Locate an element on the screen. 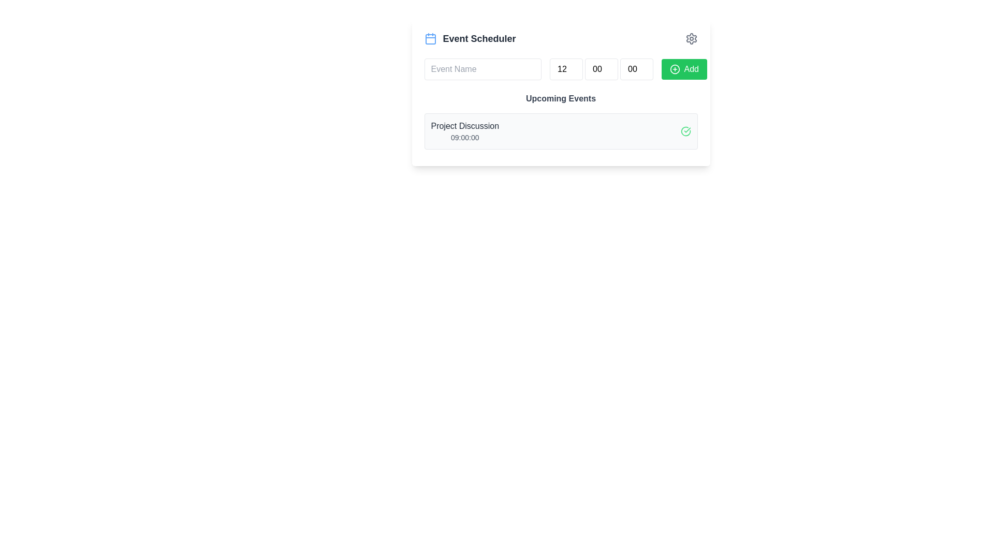  the Header (Text) element that serves as the title for the section listing upcoming events, positioned above the 'Project Discussion' event is located at coordinates (560, 99).